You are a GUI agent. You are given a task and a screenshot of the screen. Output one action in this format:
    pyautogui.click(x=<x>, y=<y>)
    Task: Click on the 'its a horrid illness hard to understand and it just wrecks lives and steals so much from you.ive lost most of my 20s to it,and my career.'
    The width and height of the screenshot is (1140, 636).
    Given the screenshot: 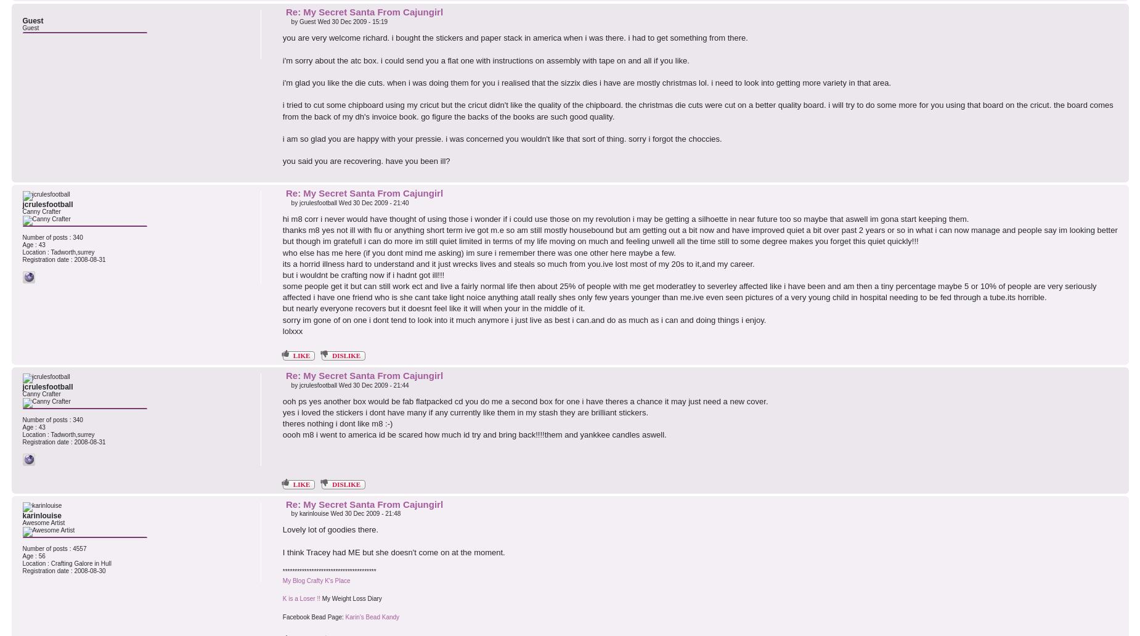 What is the action you would take?
    pyautogui.click(x=518, y=263)
    